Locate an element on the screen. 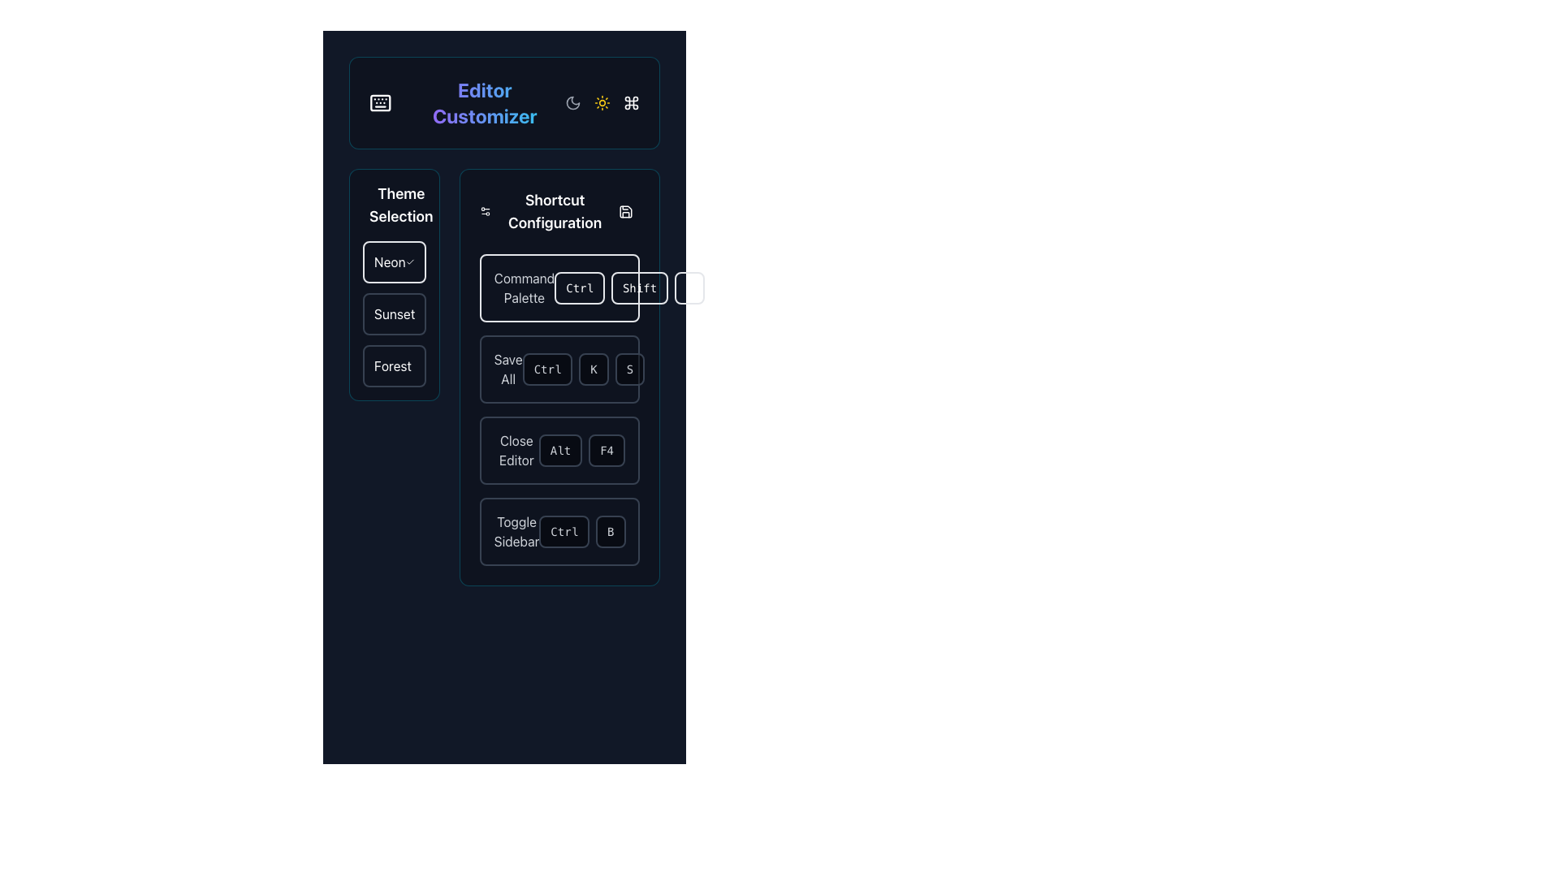 This screenshot has width=1559, height=877. the trio of icons (crescent moon, sun, command symbol) located in the upper-right corner of the 'Editor Customizer' panel is located at coordinates (602, 103).